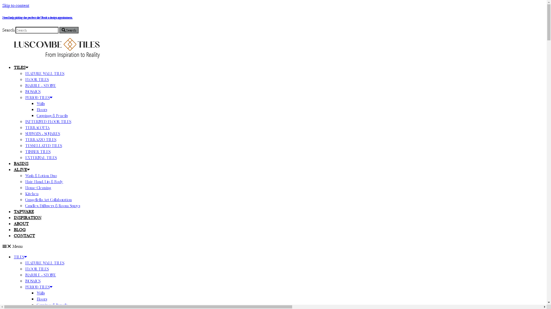 This screenshot has height=309, width=551. Describe the element at coordinates (69, 30) in the screenshot. I see `'Search'` at that location.